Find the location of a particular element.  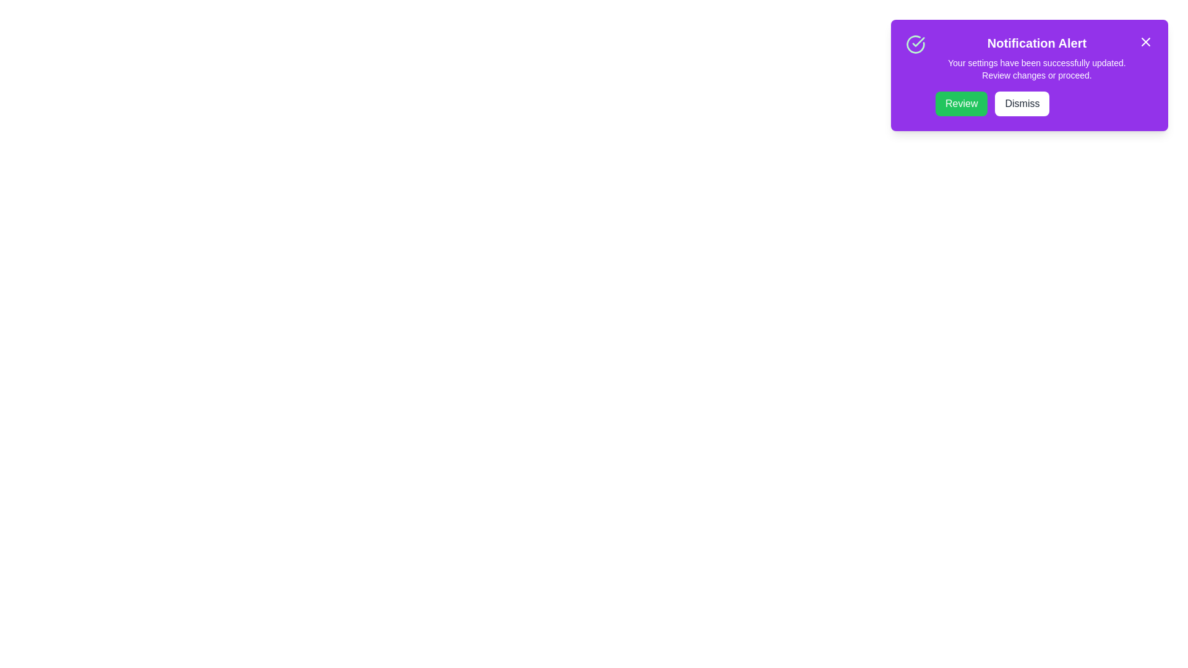

the close icon button, which is a small diagonal cross located in the top-right corner of the notification card is located at coordinates (1145, 41).